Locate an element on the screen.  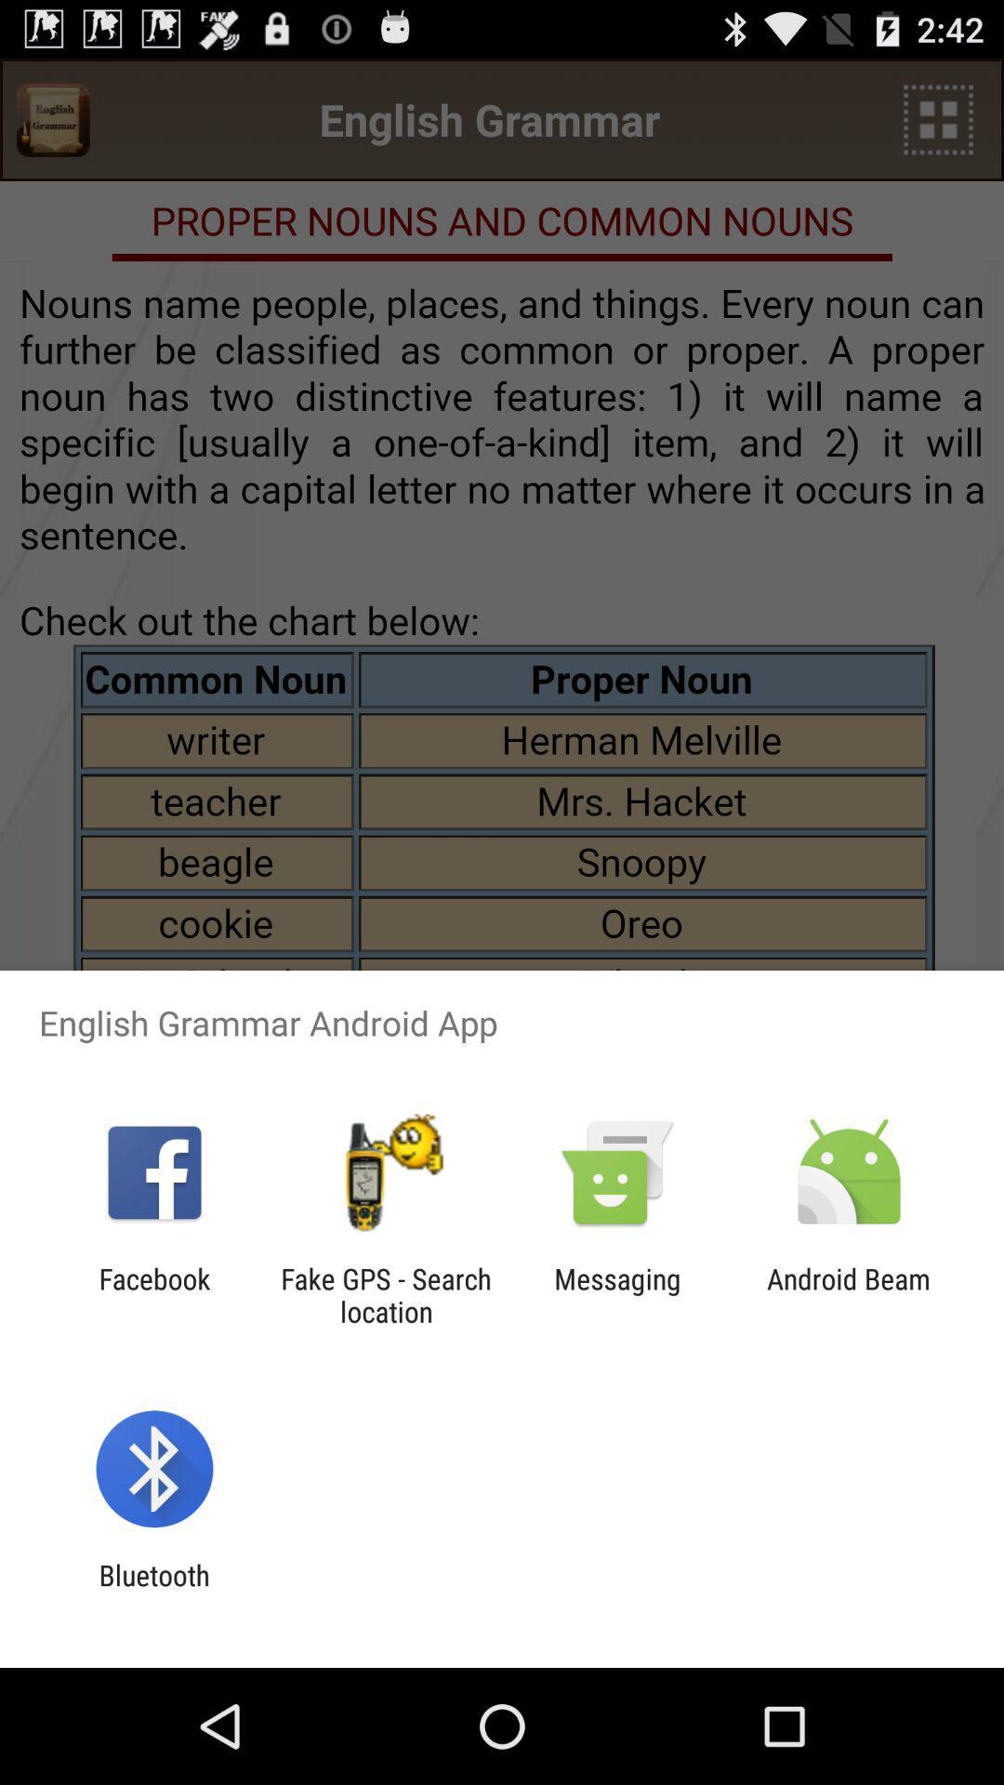
item at the bottom right corner is located at coordinates (849, 1294).